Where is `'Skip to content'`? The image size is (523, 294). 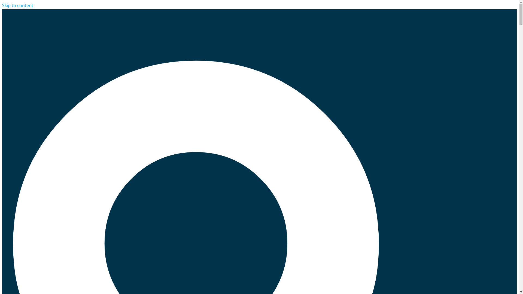 'Skip to content' is located at coordinates (18, 5).